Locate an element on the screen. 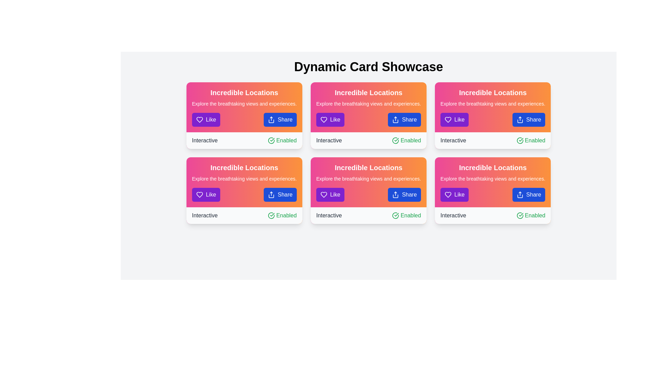  the 'Share' button, which is a rectangular button with rounded corners and a solid blue background, located to the right of the purple 'Like' button at the bottom of a card layout is located at coordinates (404, 194).